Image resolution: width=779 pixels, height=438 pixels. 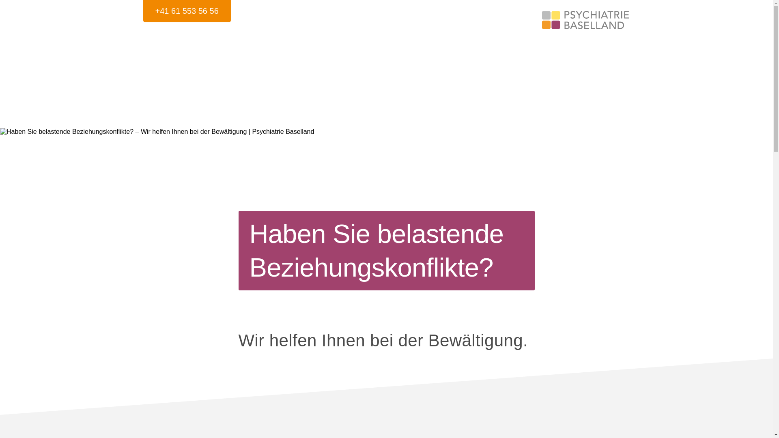 What do you see at coordinates (186, 11) in the screenshot?
I see `'+41 61 553 56 56'` at bounding box center [186, 11].